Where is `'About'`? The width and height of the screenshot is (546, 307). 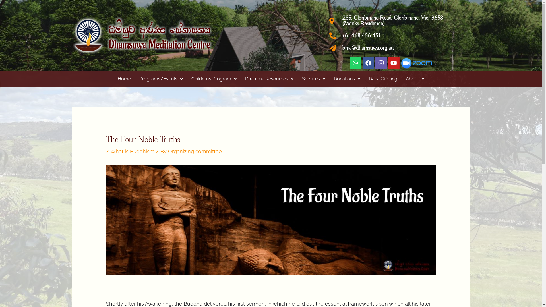 'About' is located at coordinates (401, 79).